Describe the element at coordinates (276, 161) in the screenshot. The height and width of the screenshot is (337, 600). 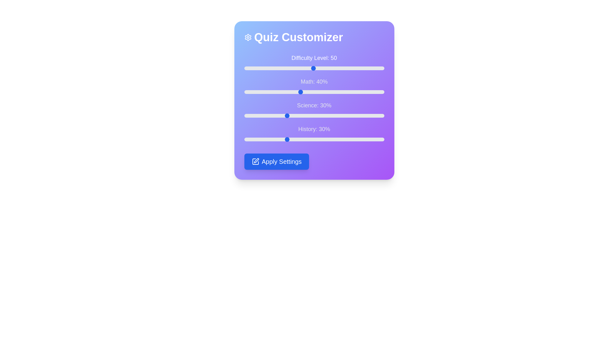
I see `the 'Apply Settings' button to observe its hover effect` at that location.